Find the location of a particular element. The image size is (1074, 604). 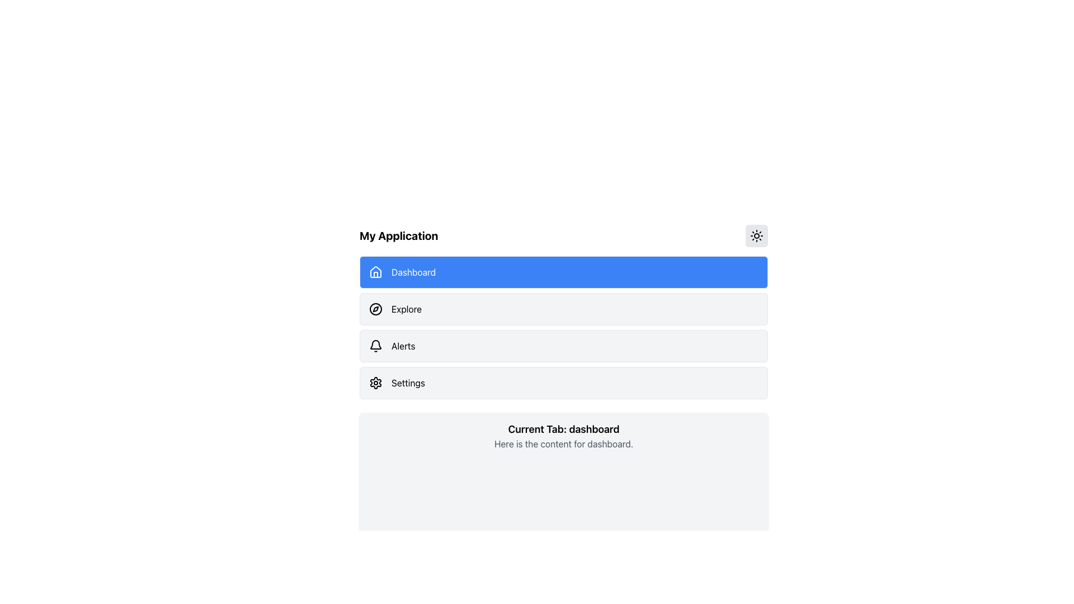

circular element of the compass icon located in the second menu option labeled 'Explore' by clicking on its center is located at coordinates (376, 309).